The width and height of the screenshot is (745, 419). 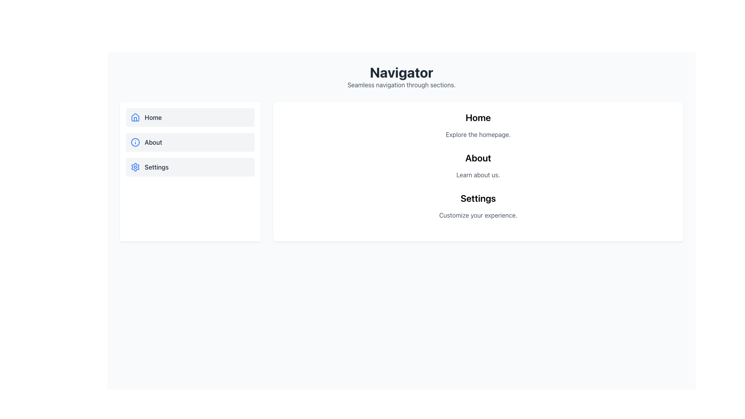 What do you see at coordinates (190, 118) in the screenshot?
I see `the 'Home' navigation button located in the left side panel` at bounding box center [190, 118].